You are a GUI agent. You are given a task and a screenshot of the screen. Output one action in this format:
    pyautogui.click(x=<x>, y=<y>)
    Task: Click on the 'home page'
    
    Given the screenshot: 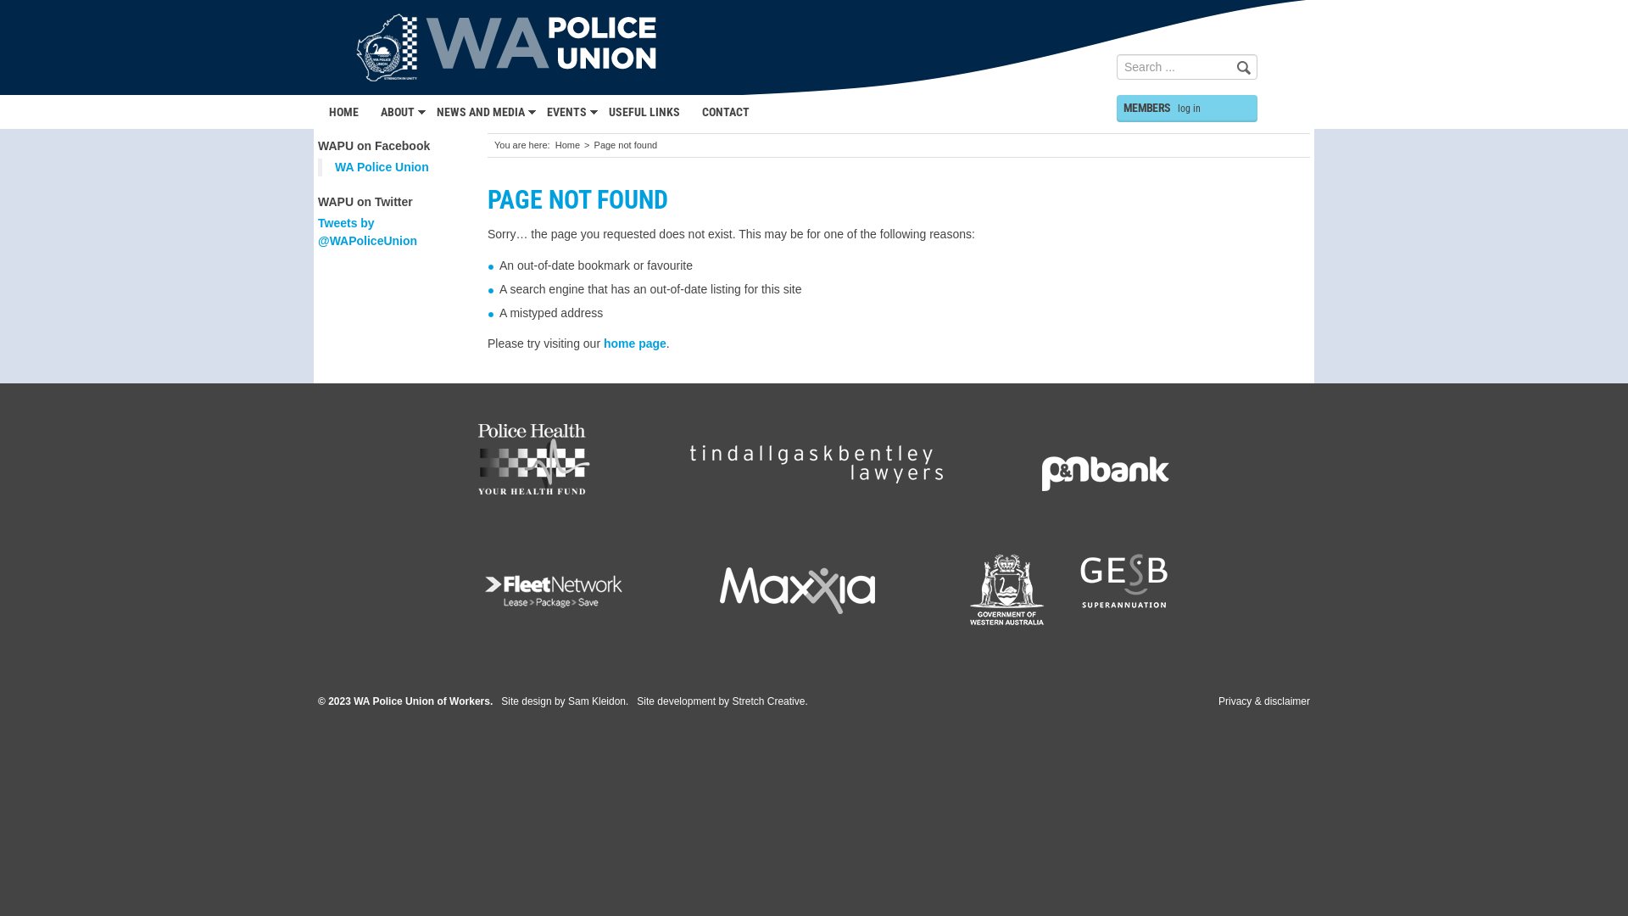 What is the action you would take?
    pyautogui.click(x=603, y=343)
    